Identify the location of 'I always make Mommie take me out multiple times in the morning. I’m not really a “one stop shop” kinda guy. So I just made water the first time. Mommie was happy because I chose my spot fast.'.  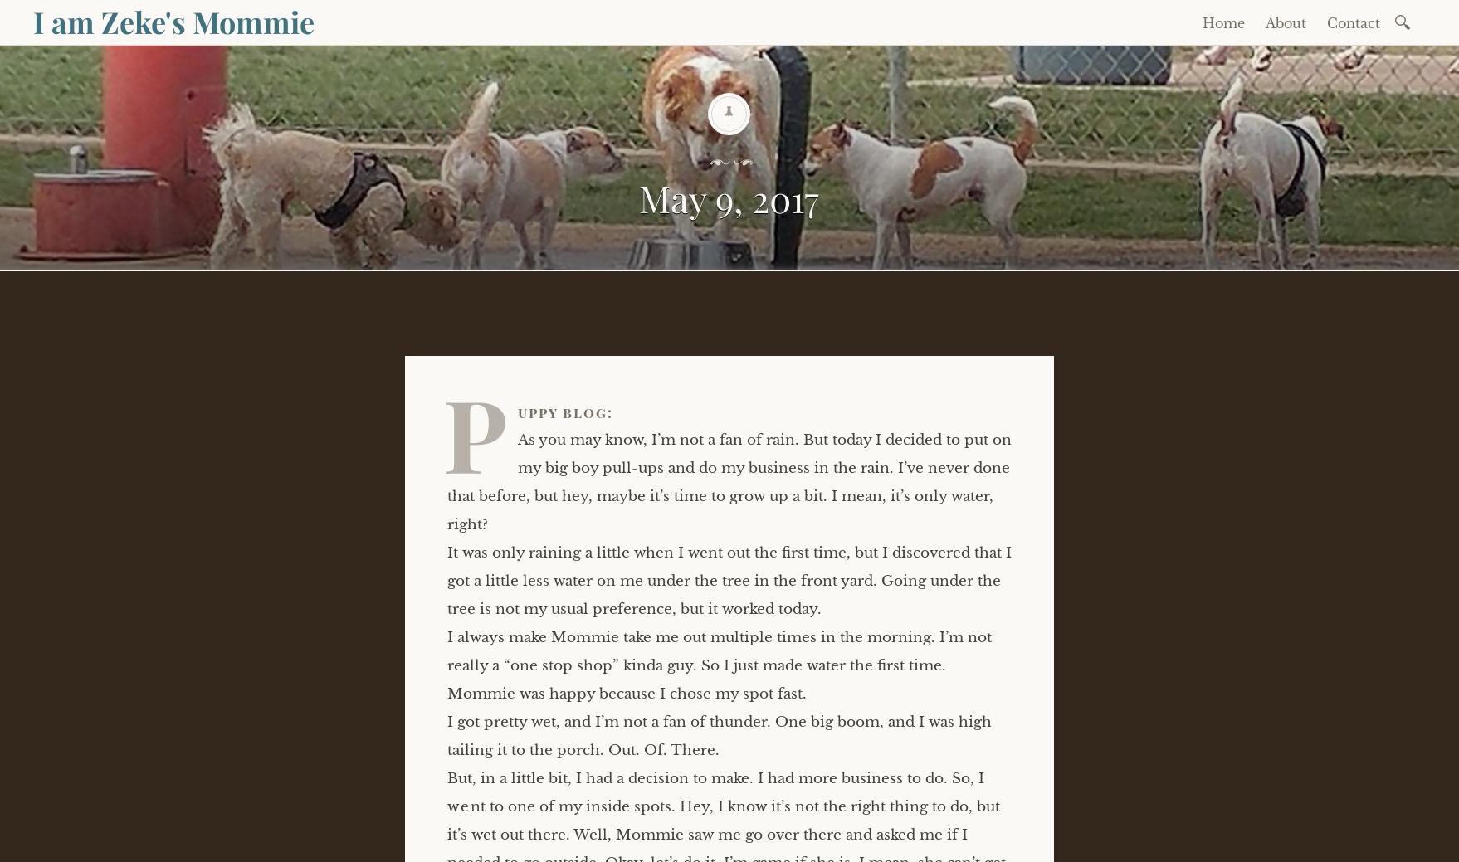
(719, 664).